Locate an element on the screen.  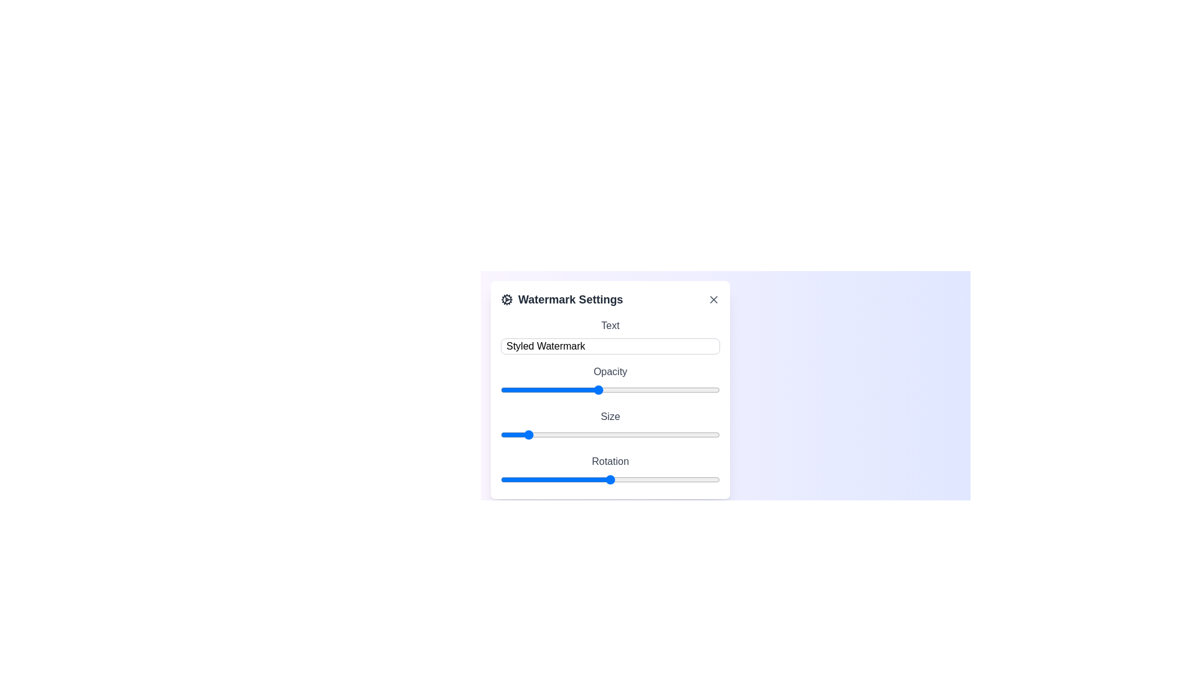
the size is located at coordinates (543, 434).